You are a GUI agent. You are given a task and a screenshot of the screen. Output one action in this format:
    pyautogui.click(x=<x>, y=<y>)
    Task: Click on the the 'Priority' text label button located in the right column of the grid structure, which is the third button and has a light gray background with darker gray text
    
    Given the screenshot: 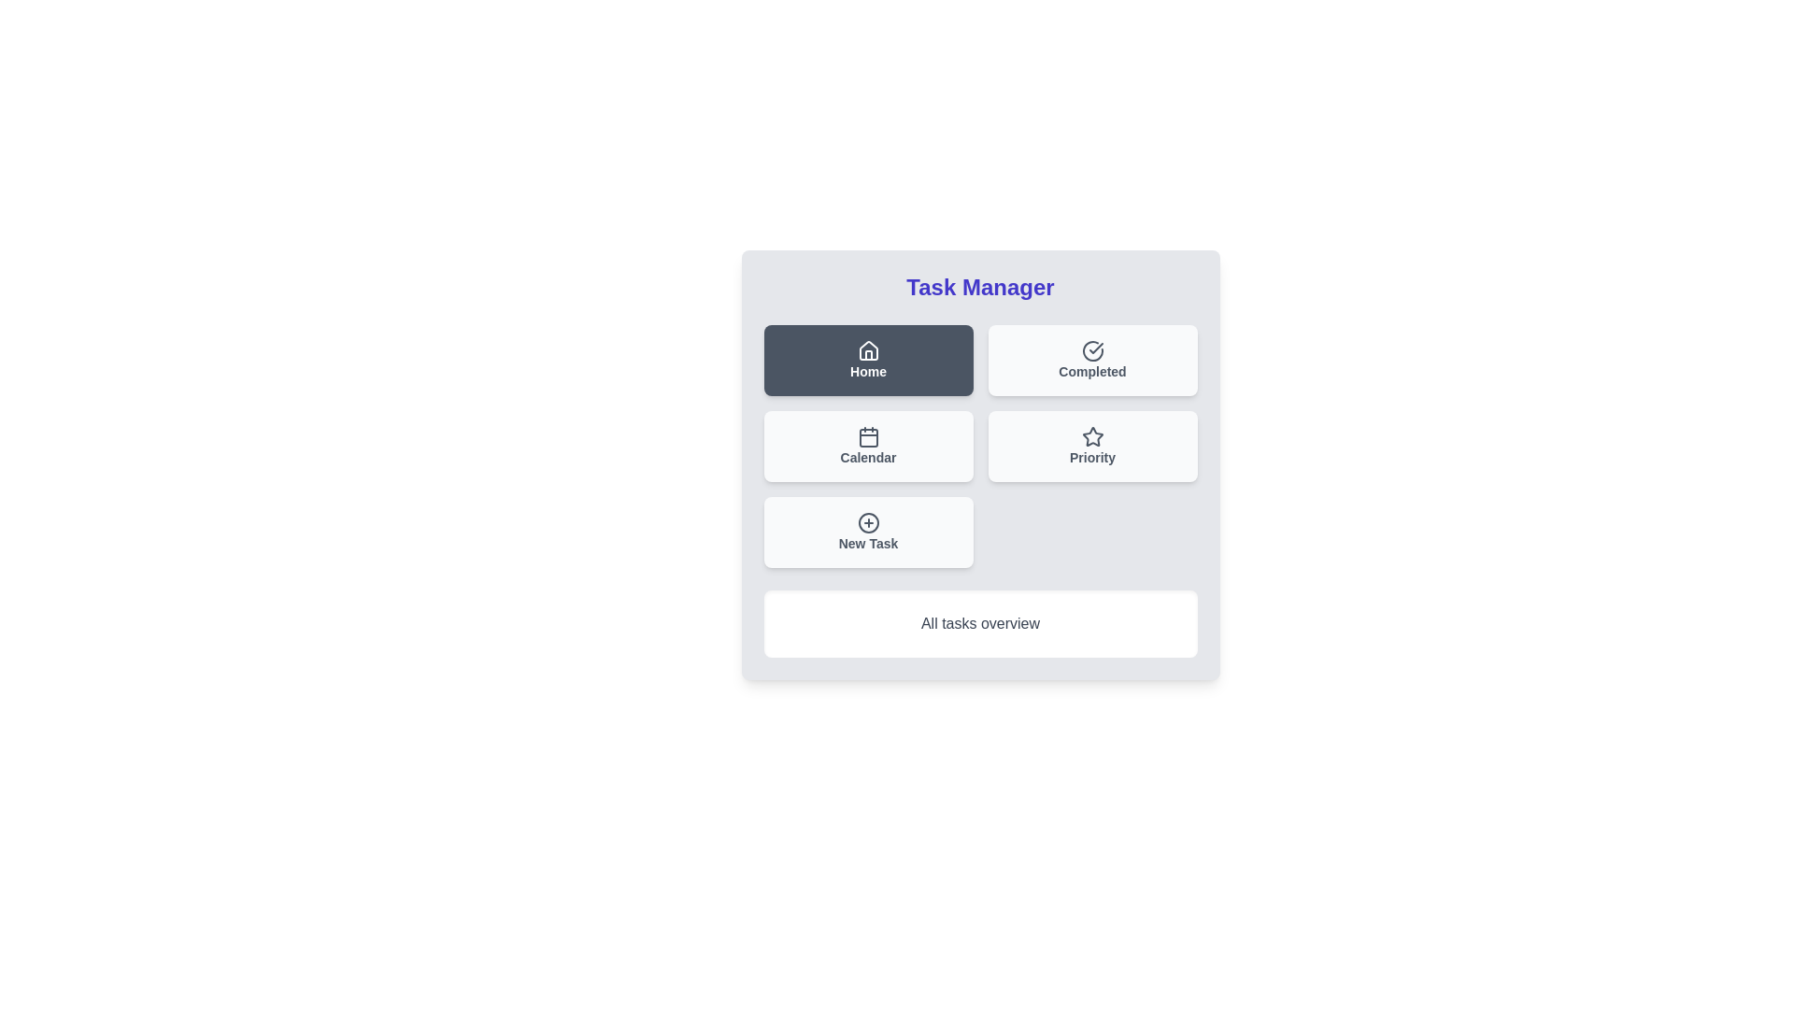 What is the action you would take?
    pyautogui.click(x=1092, y=457)
    